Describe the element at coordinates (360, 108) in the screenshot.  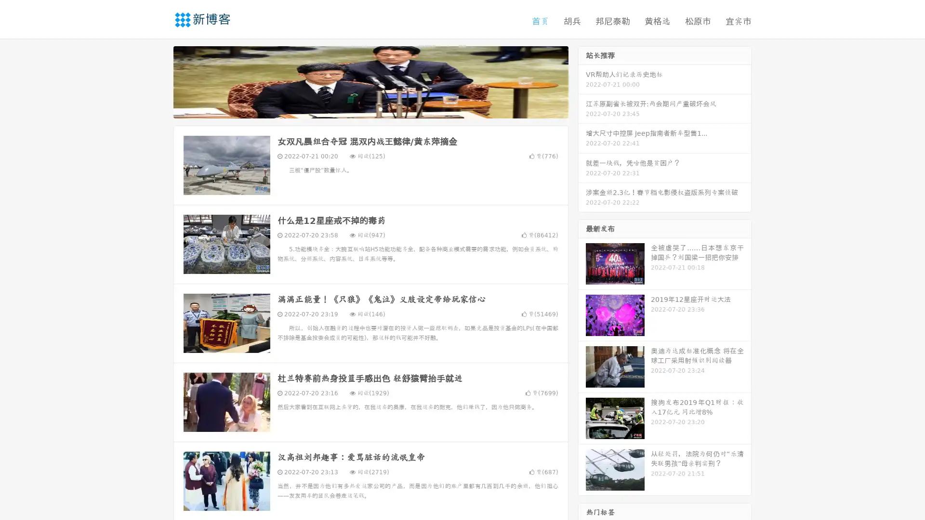
I see `Go to slide 1` at that location.